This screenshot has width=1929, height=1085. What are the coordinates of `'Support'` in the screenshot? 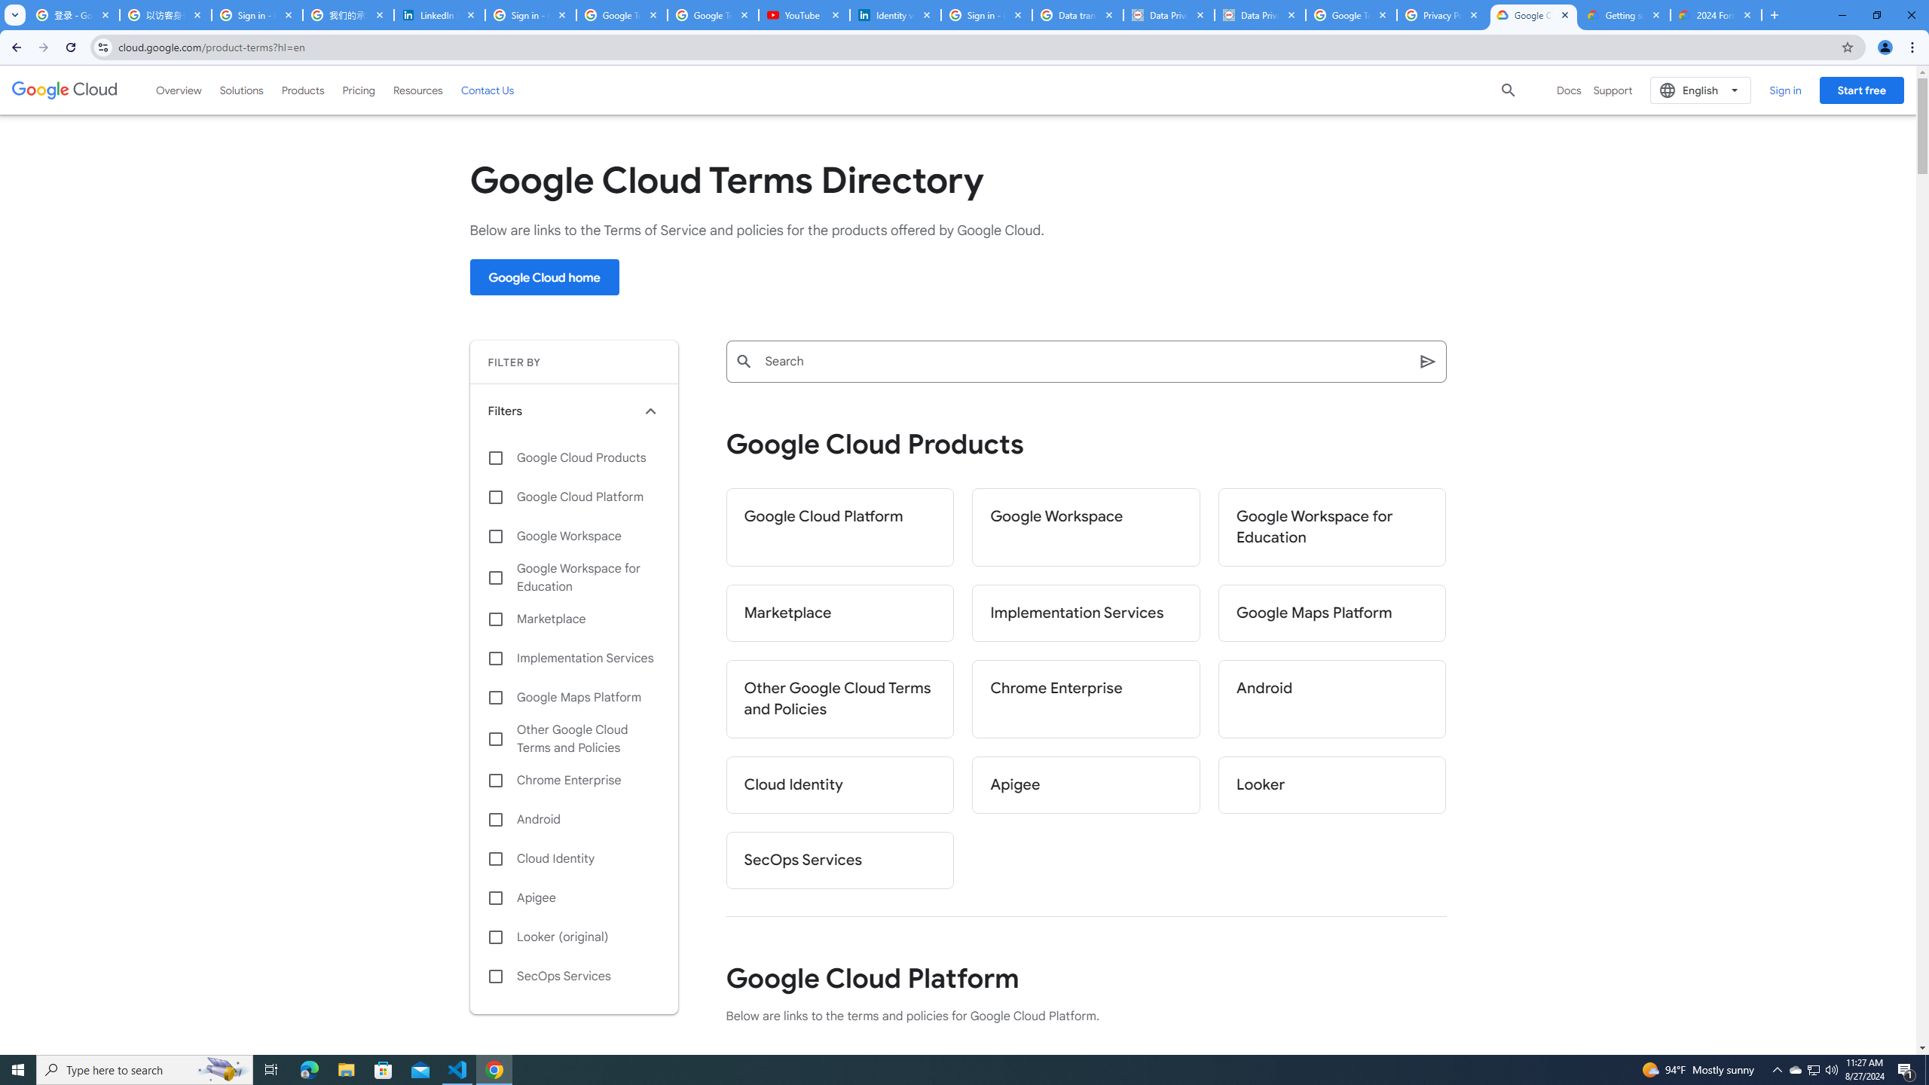 It's located at (1613, 89).